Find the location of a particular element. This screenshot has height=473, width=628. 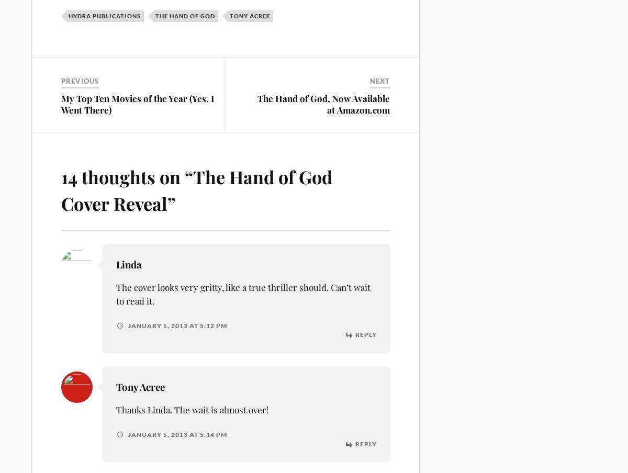

'January 5, 2013 at 5:12 pm' is located at coordinates (177, 324).